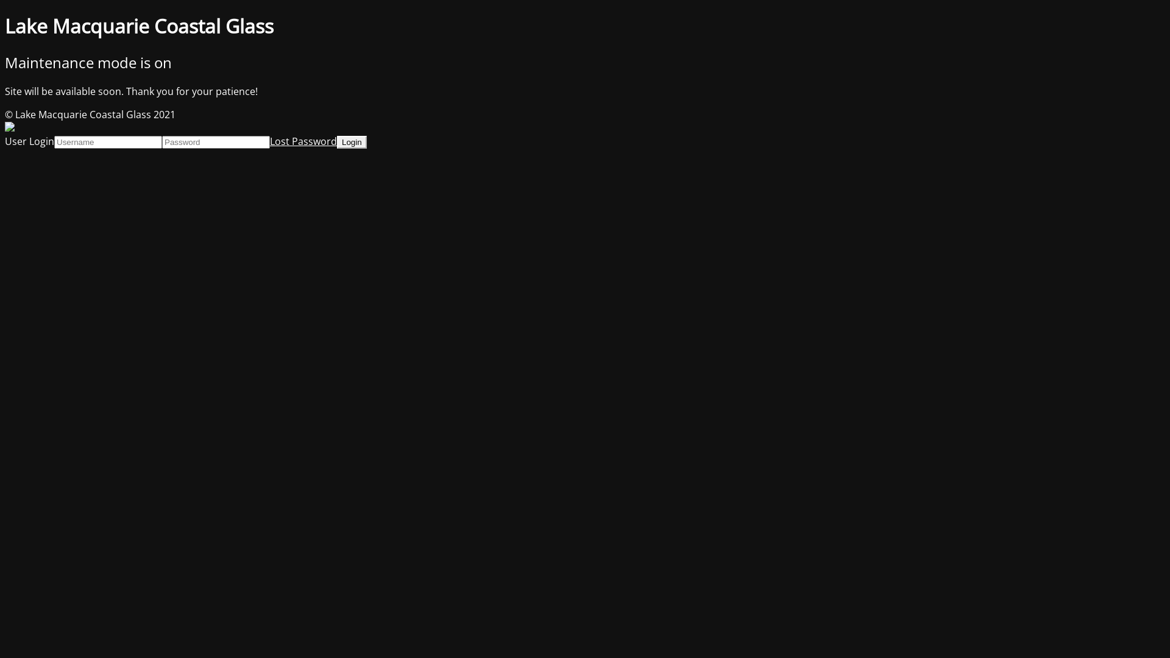 This screenshot has height=658, width=1170. What do you see at coordinates (303, 140) in the screenshot?
I see `'Lost Password'` at bounding box center [303, 140].